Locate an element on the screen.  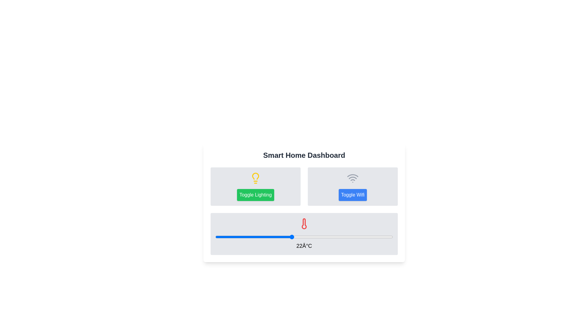
the temperature is located at coordinates (278, 237).